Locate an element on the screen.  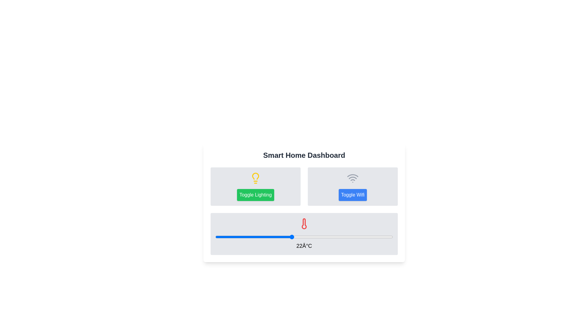
the temperature is located at coordinates (278, 237).